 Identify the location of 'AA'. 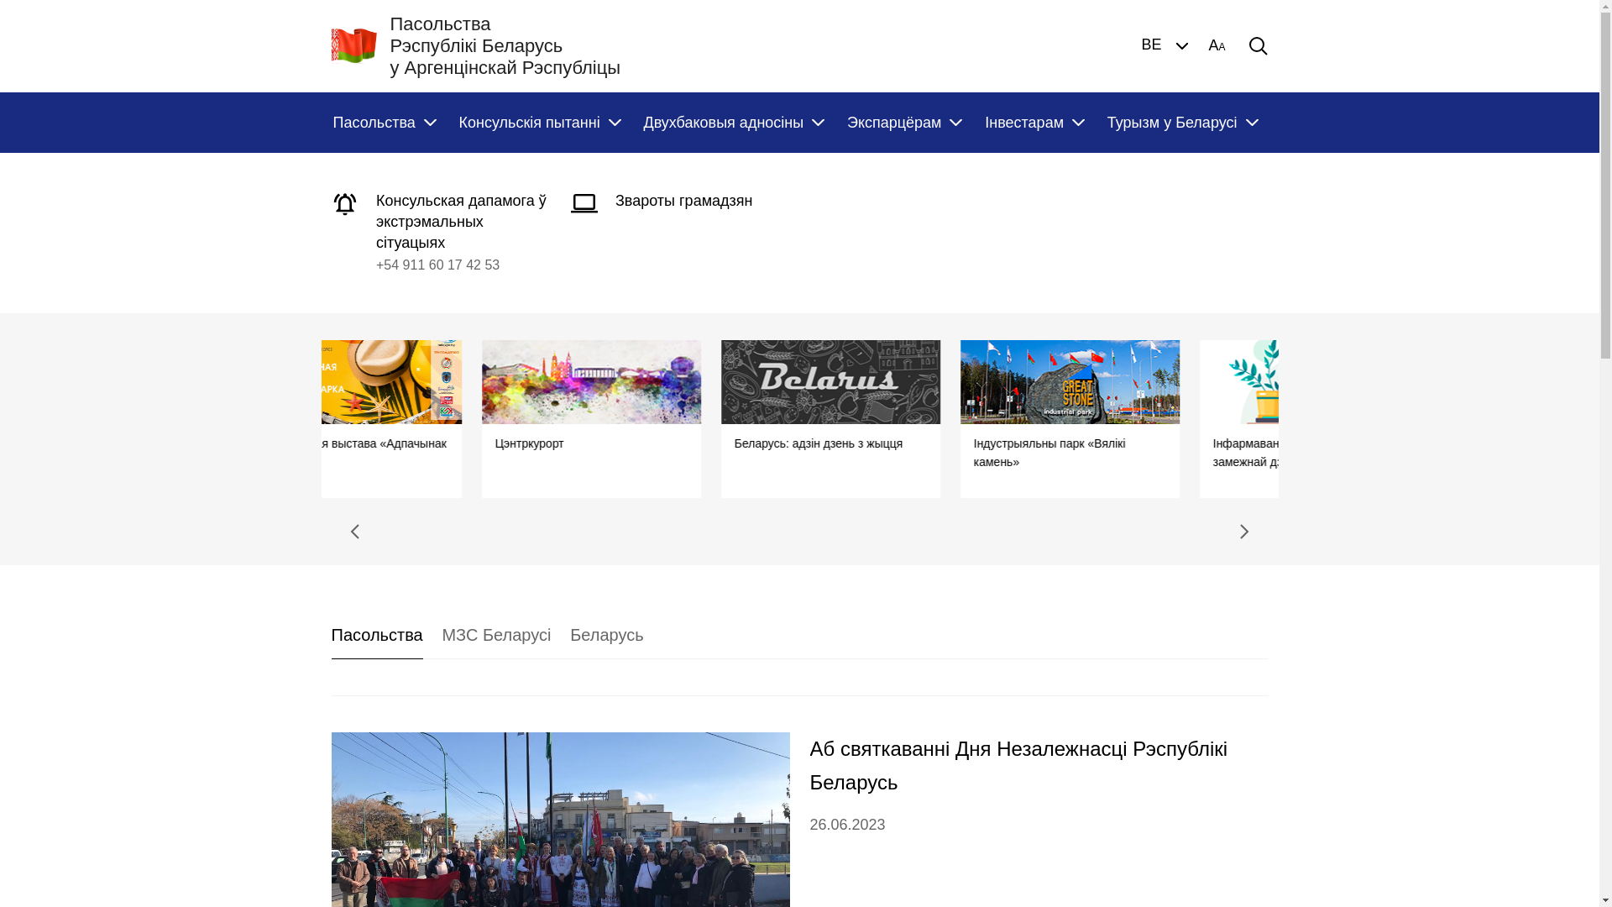
(1217, 45).